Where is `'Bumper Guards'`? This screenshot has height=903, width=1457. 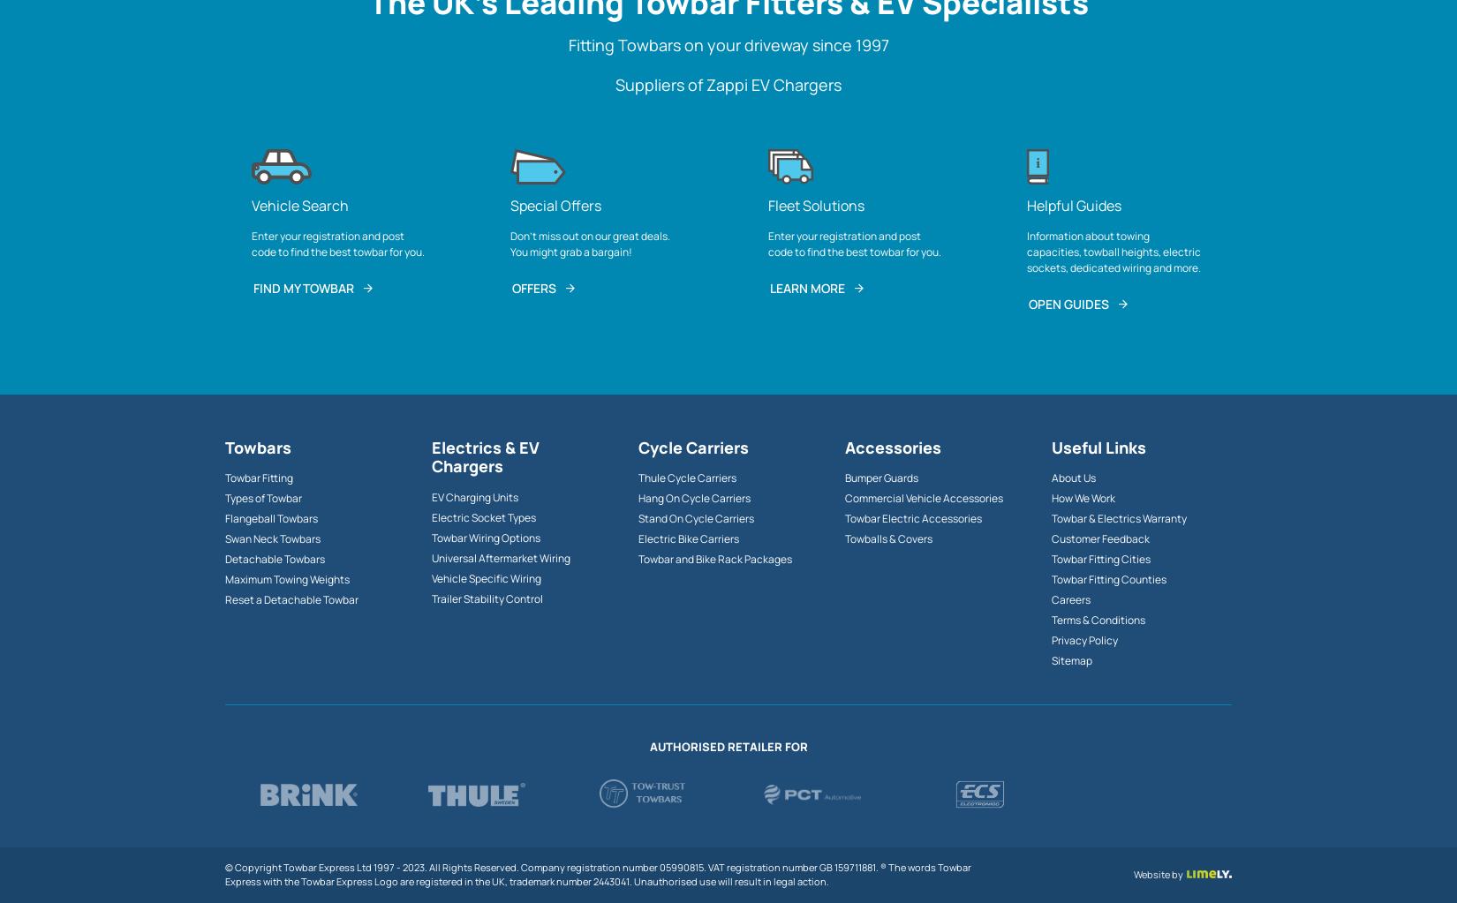
'Bumper Guards' is located at coordinates (881, 477).